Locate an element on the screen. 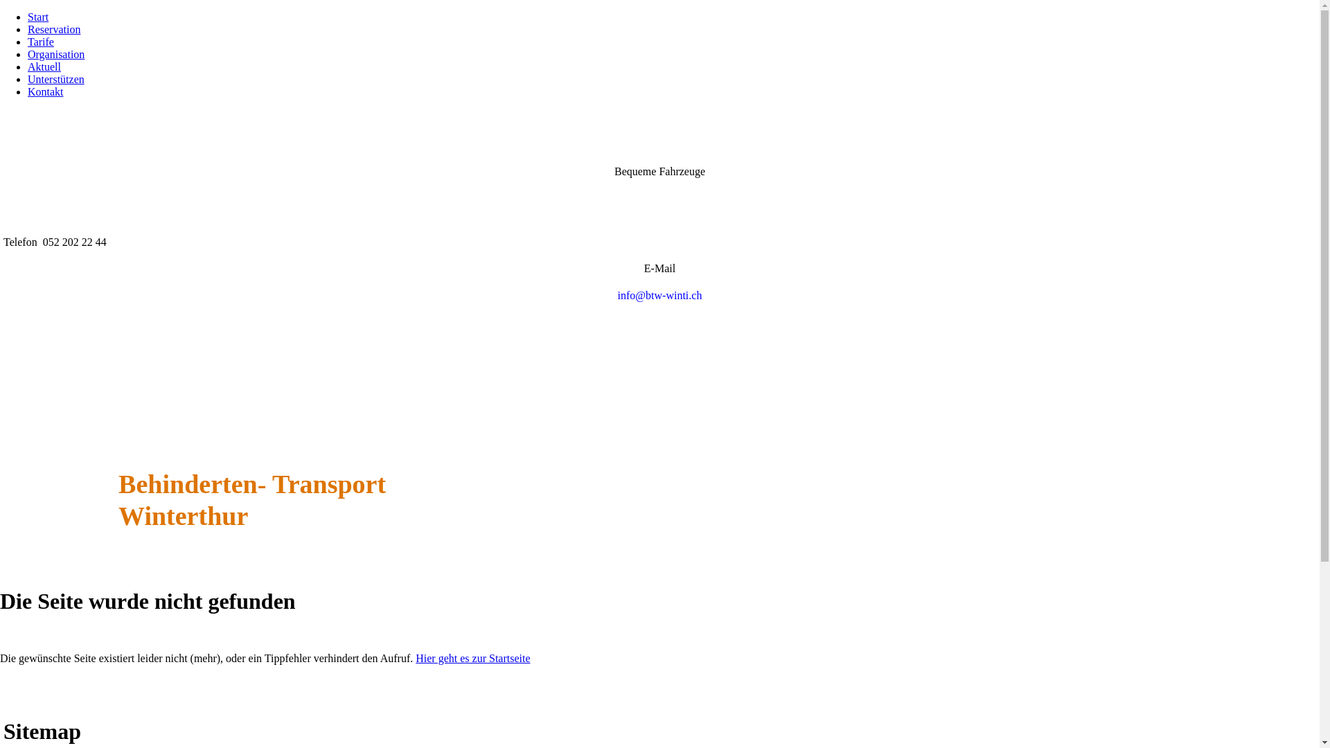 This screenshot has width=1330, height=748. 'Aktuell' is located at coordinates (44, 66).